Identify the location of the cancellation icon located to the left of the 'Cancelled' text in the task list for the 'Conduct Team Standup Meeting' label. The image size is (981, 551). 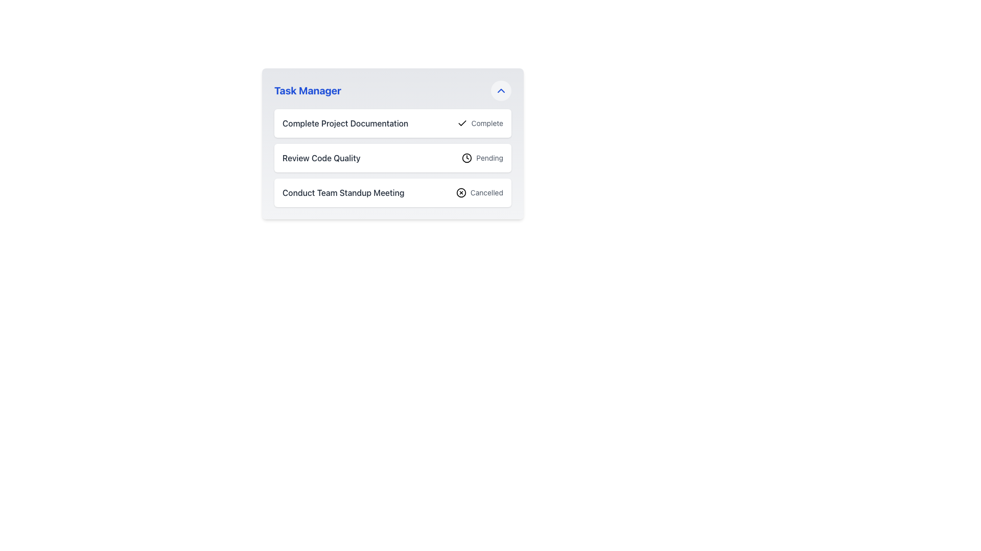
(460, 193).